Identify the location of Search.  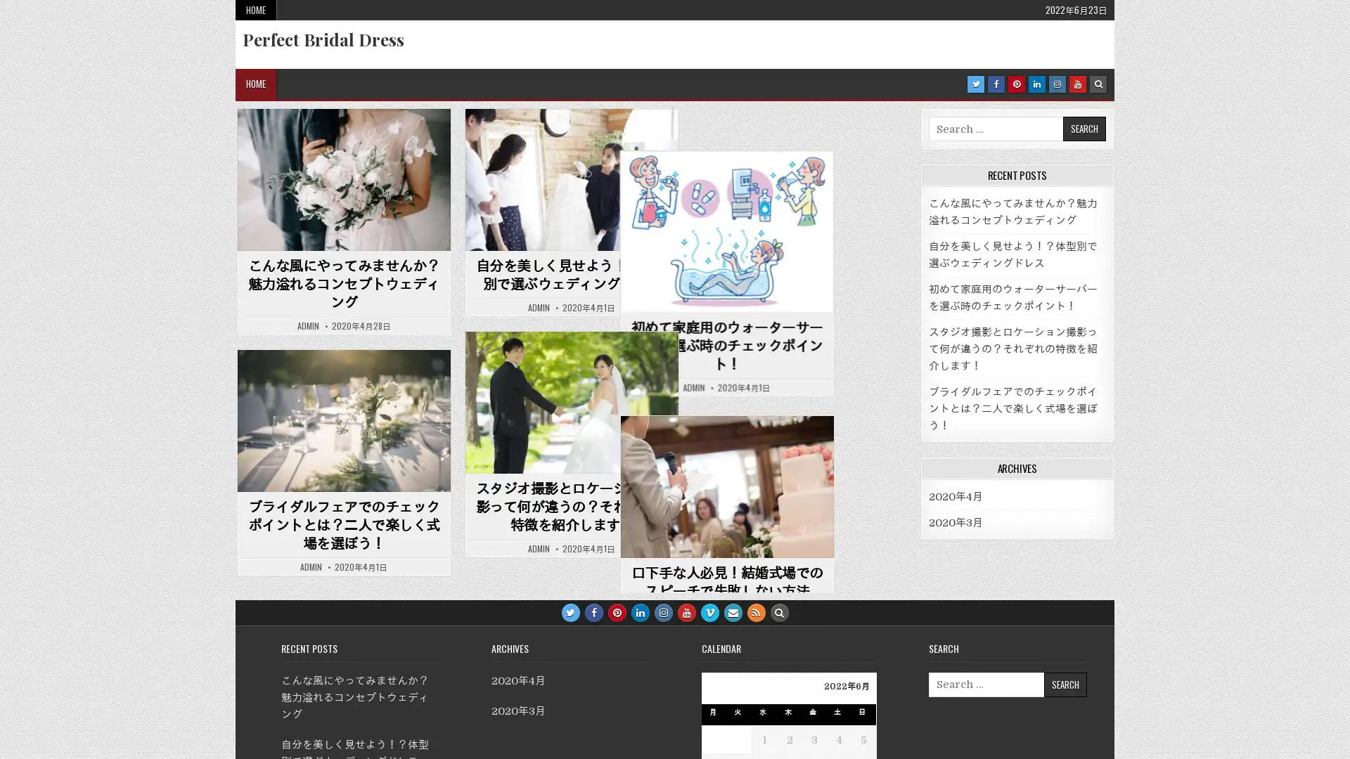
(1083, 129).